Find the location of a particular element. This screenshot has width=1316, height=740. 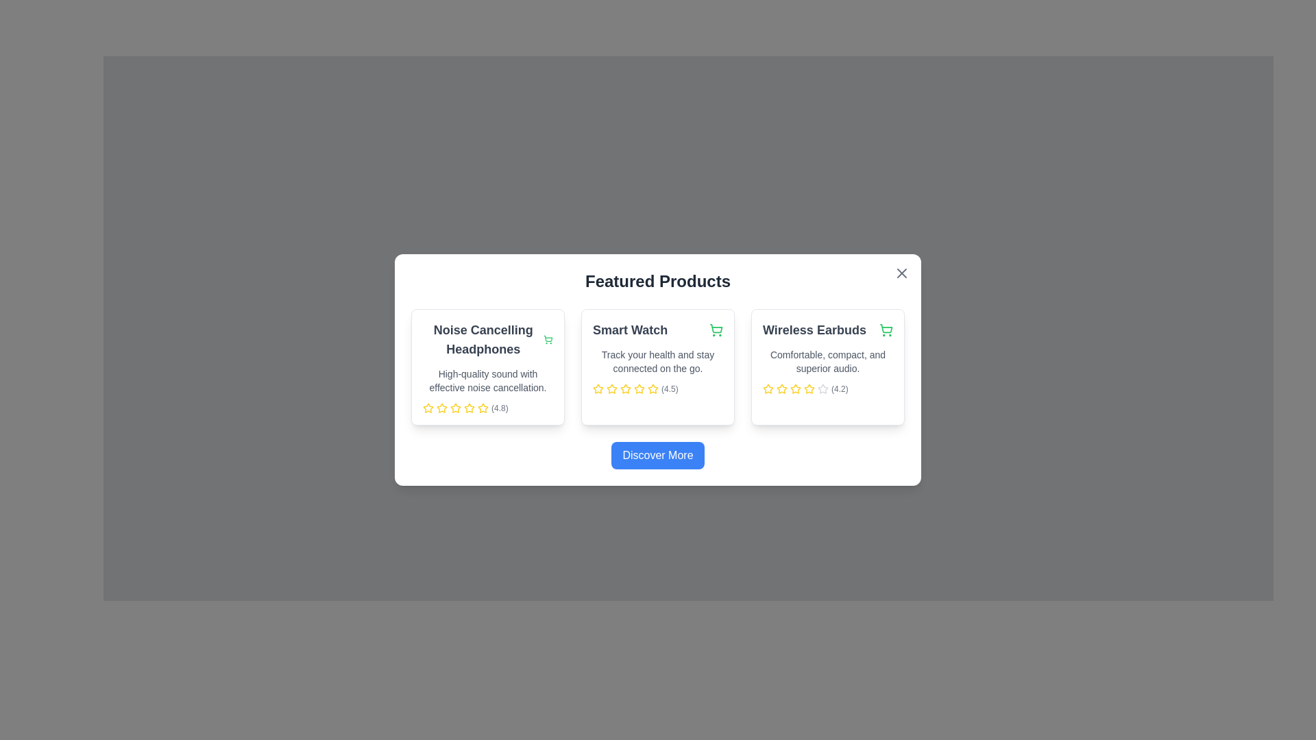

the shopping cart icon next to the 'Noise Cancelling Headphones' title is located at coordinates (548, 339).